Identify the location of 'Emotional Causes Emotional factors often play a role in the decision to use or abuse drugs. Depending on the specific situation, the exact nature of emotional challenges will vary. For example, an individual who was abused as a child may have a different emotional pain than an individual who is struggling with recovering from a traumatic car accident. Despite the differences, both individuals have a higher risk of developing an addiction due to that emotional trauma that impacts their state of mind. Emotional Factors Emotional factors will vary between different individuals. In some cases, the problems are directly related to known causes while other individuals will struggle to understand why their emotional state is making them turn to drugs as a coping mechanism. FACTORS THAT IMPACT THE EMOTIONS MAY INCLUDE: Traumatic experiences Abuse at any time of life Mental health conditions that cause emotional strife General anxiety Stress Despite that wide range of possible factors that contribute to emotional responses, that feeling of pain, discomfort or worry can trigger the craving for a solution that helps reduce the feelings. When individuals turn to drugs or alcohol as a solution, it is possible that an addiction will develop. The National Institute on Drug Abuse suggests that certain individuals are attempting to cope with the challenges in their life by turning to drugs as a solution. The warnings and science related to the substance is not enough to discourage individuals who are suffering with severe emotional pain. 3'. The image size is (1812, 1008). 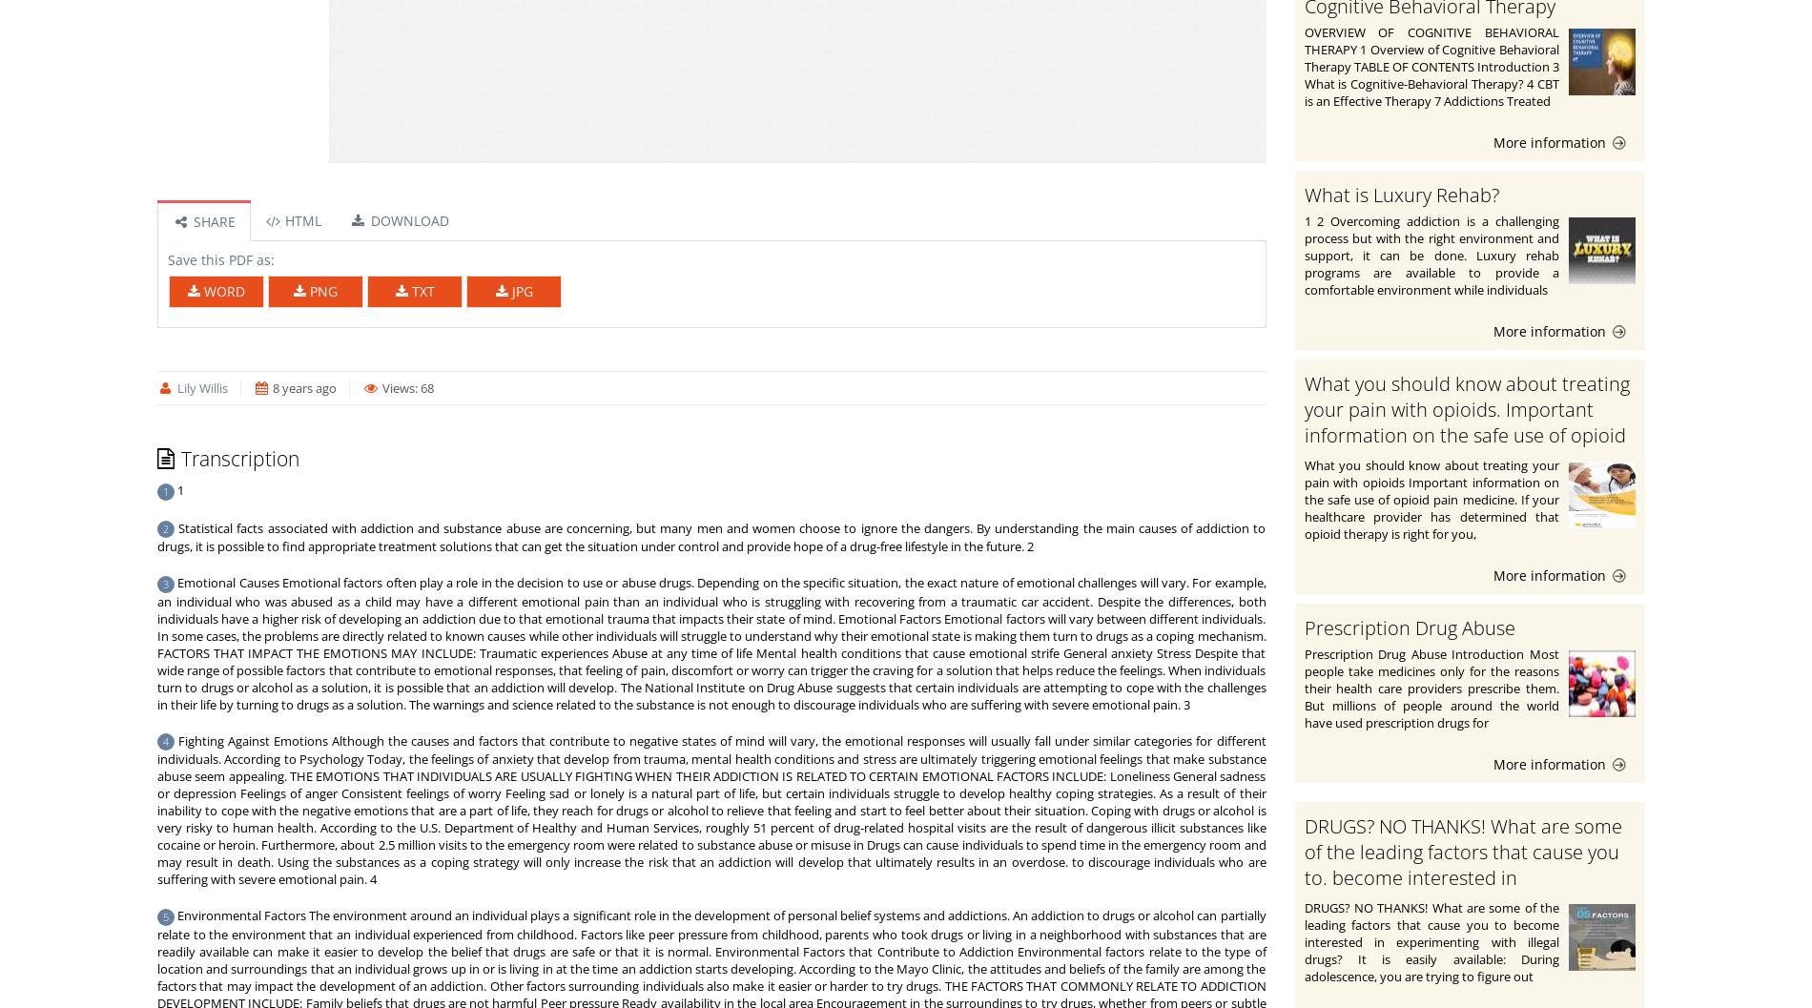
(710, 643).